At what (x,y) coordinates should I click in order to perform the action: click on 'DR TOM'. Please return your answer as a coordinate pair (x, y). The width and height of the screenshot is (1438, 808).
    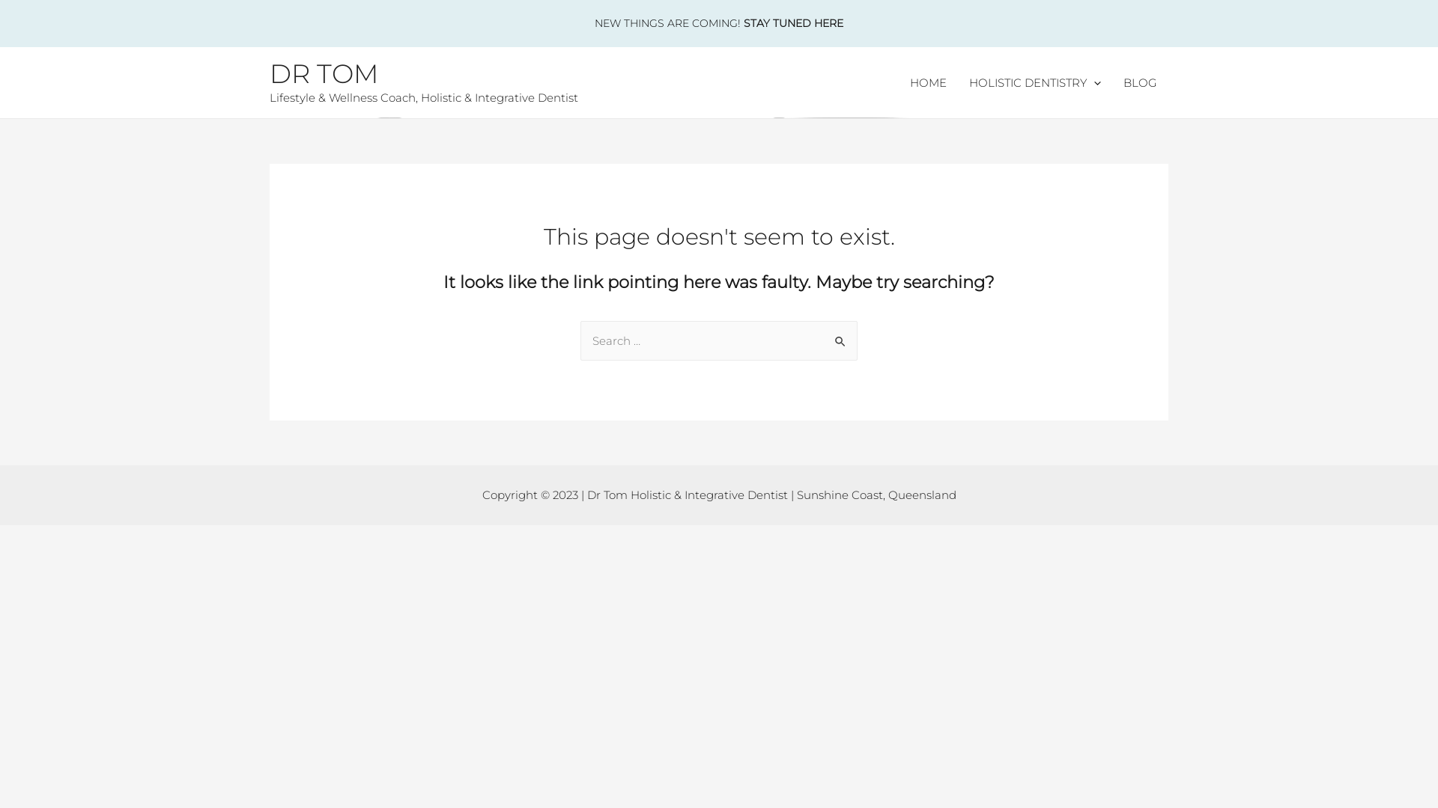
    Looking at the image, I should click on (323, 73).